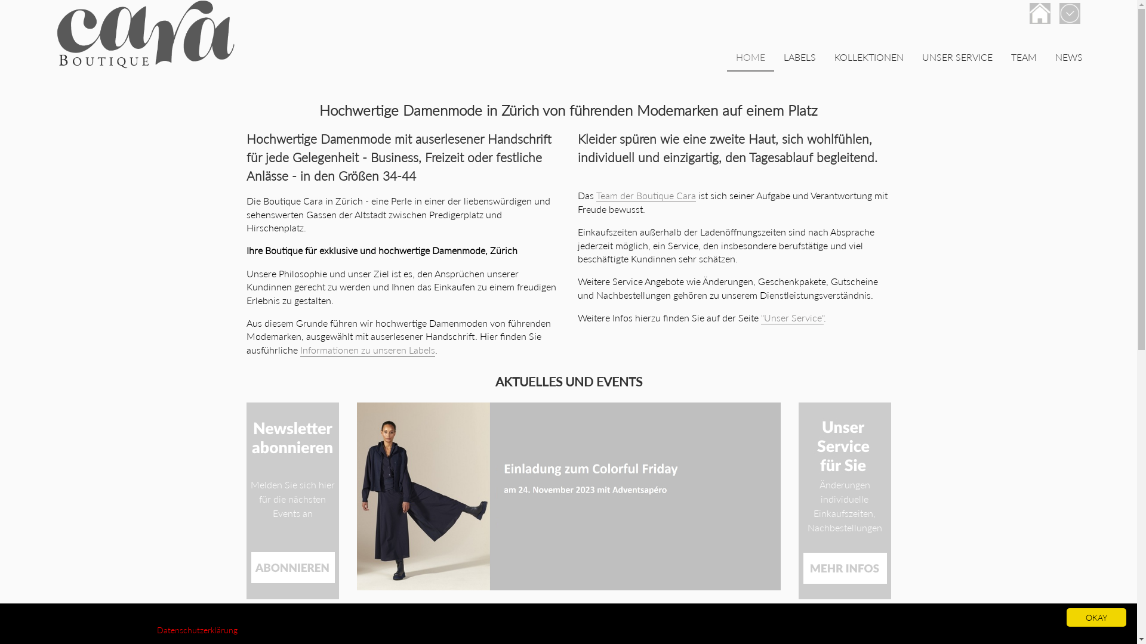  What do you see at coordinates (1068, 58) in the screenshot?
I see `'NEWS'` at bounding box center [1068, 58].